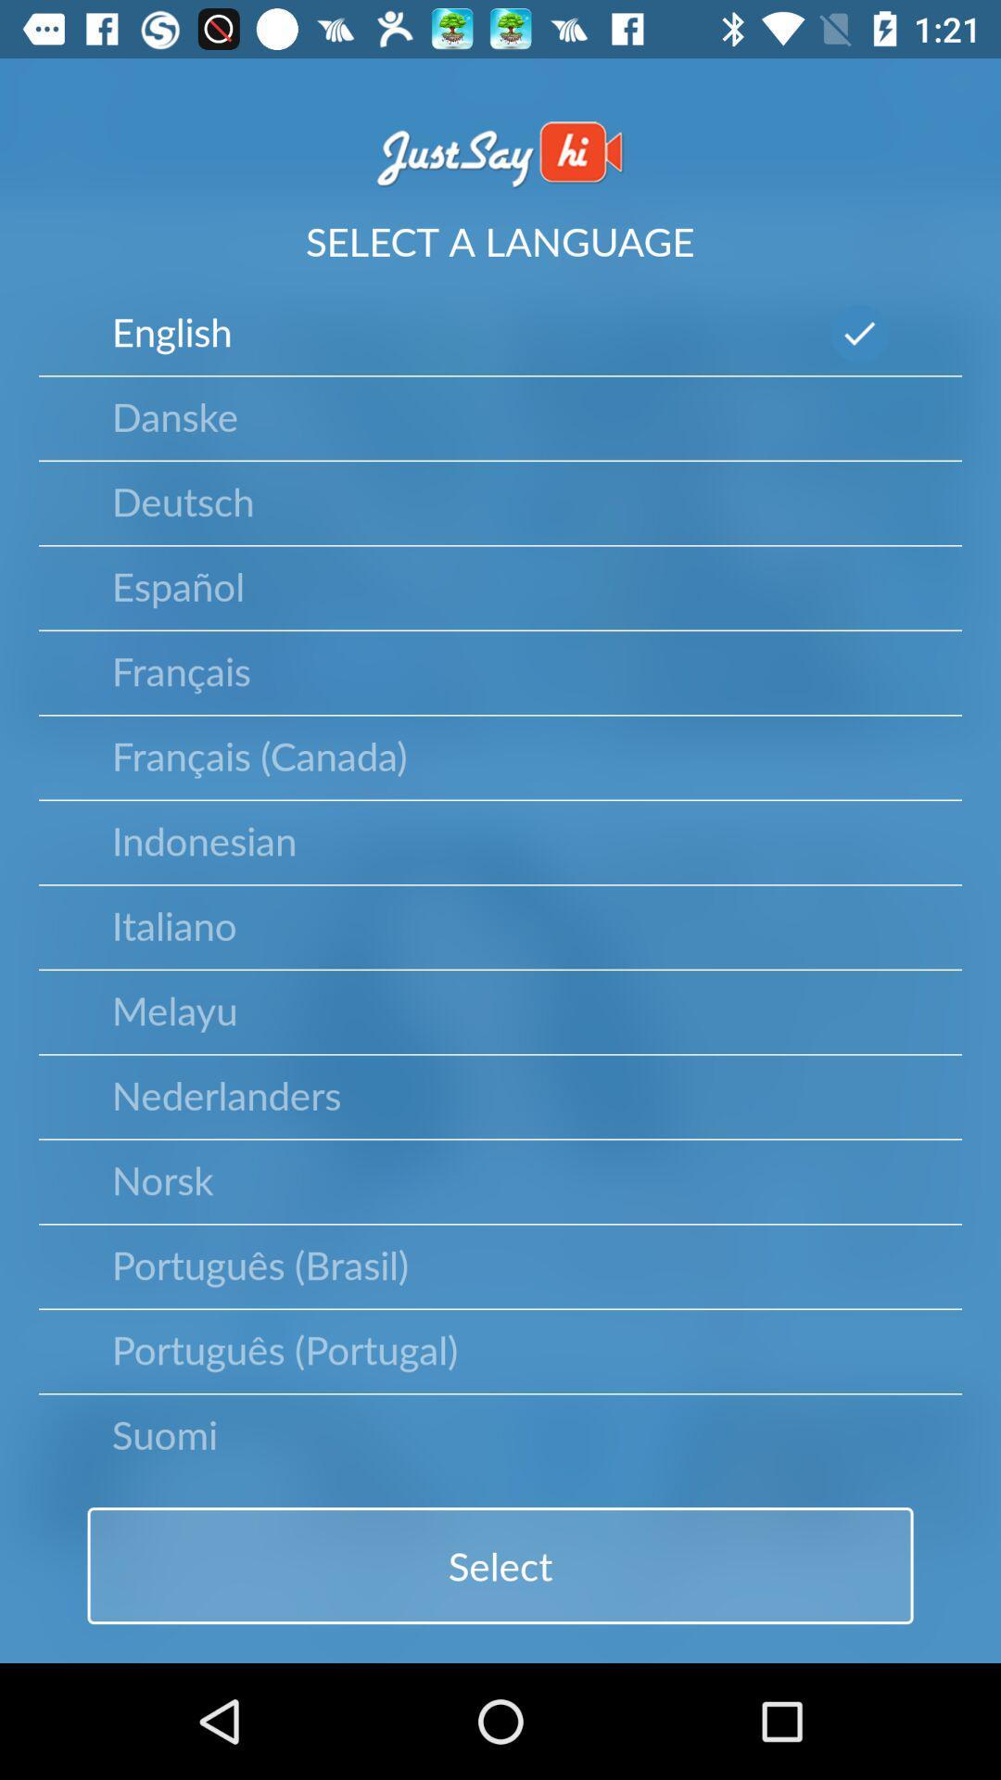  Describe the element at coordinates (183, 501) in the screenshot. I see `the deutsch item` at that location.